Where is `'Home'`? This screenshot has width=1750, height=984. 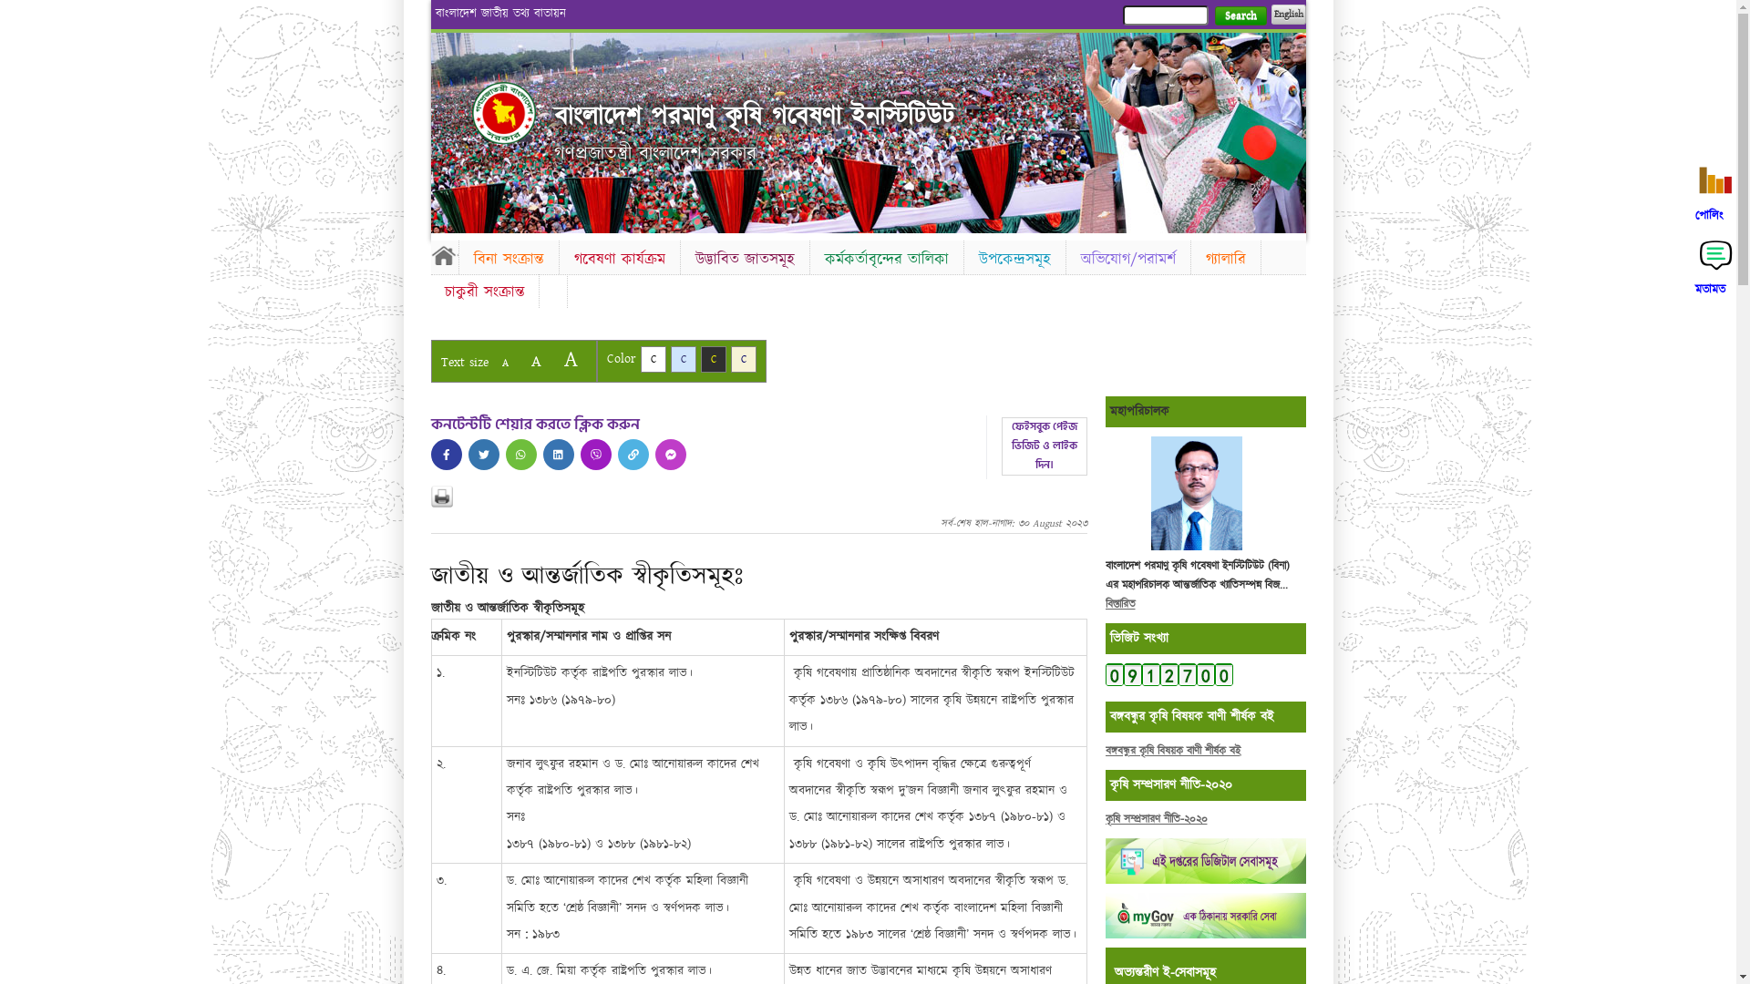 'Home' is located at coordinates (503, 112).